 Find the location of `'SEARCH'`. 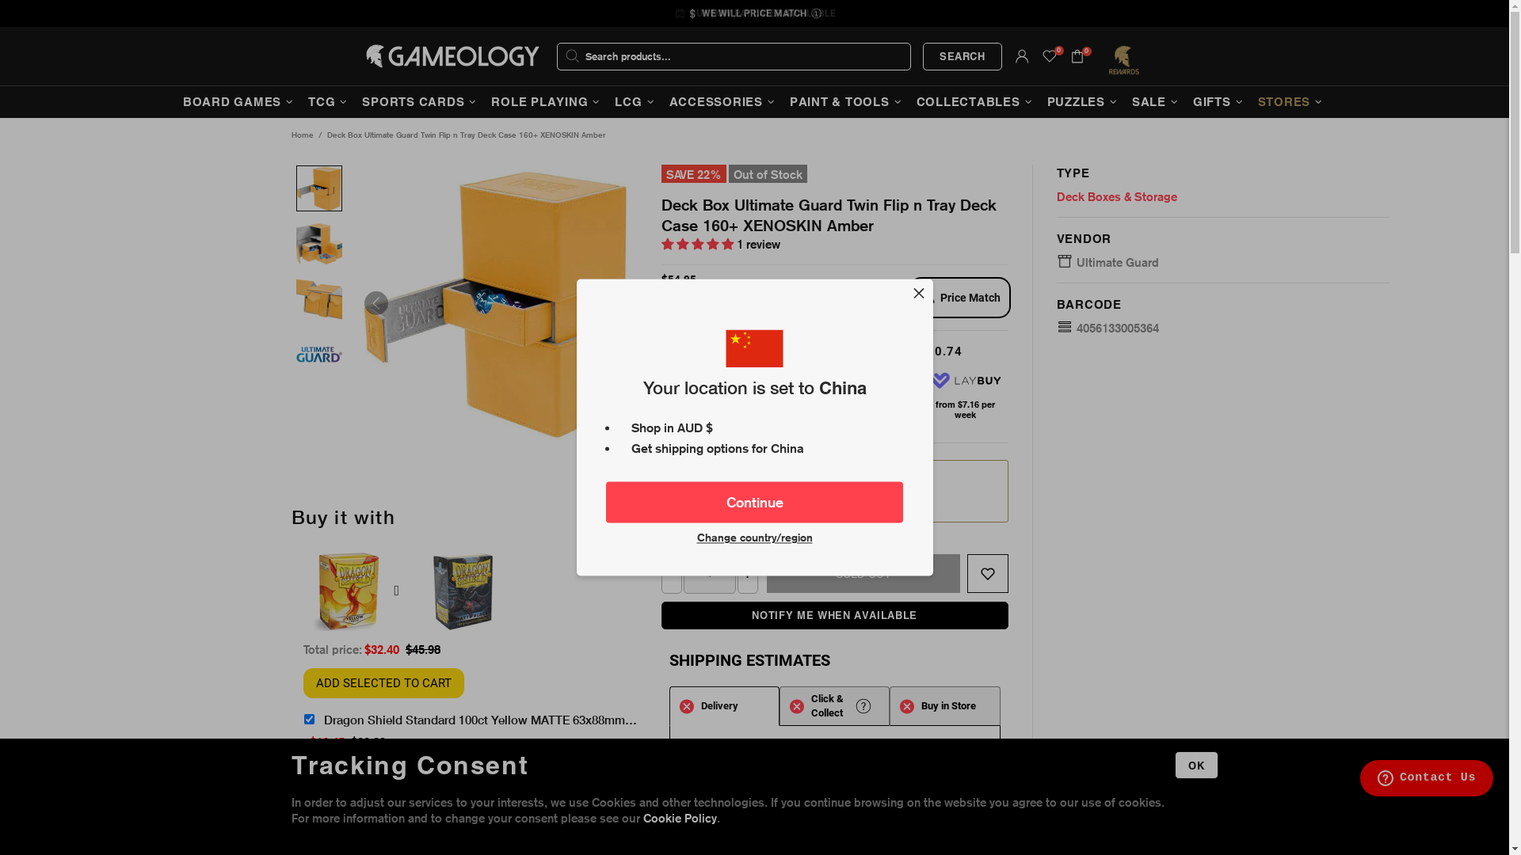

'SEARCH' is located at coordinates (961, 55).